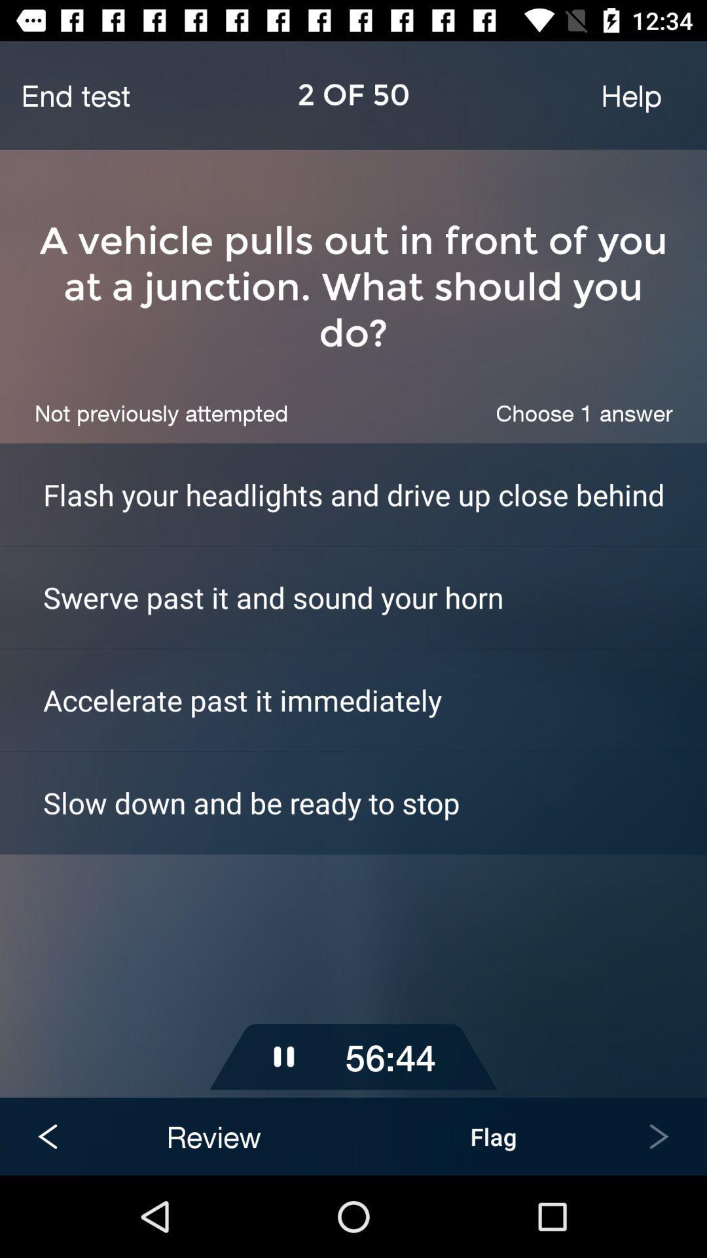 The height and width of the screenshot is (1258, 707). I want to click on the icon next to help icon, so click(75, 94).